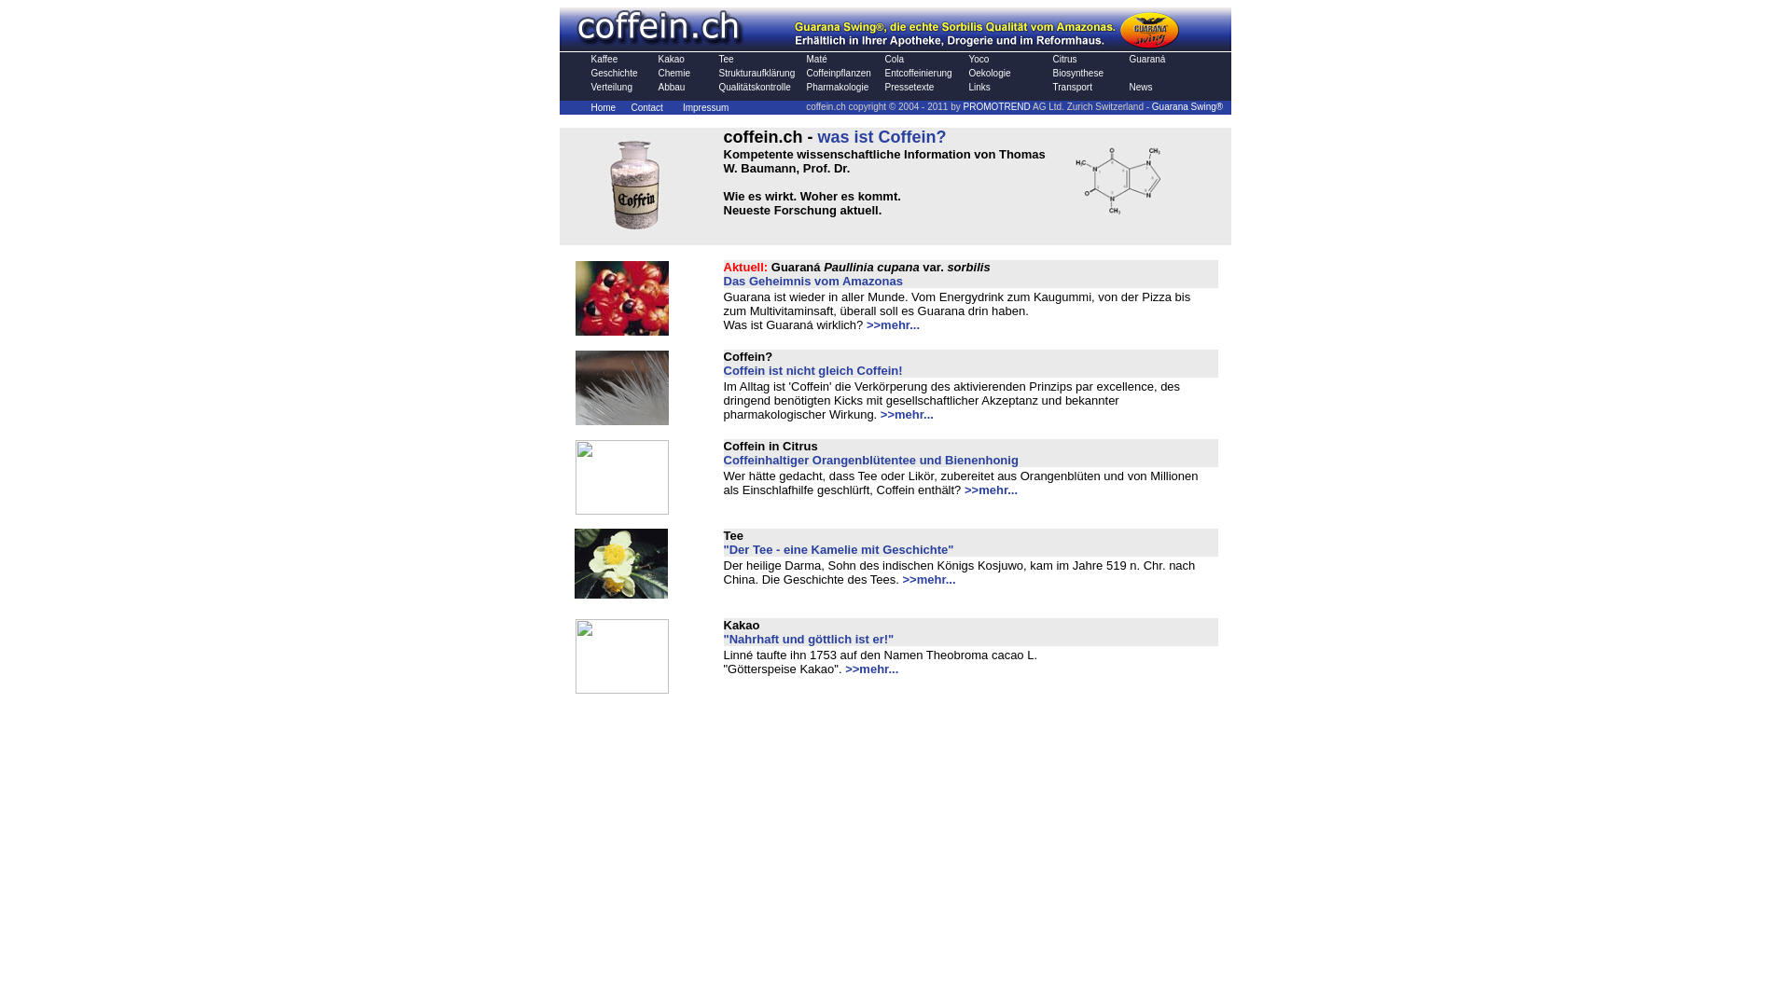 This screenshot has height=1007, width=1791. Describe the element at coordinates (813, 363) in the screenshot. I see `'Coffein?` at that location.